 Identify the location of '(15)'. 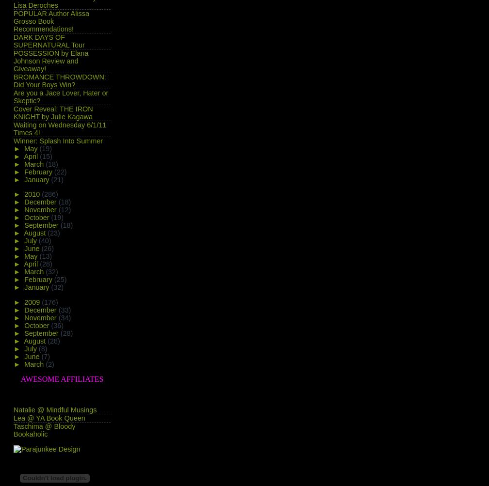
(39, 155).